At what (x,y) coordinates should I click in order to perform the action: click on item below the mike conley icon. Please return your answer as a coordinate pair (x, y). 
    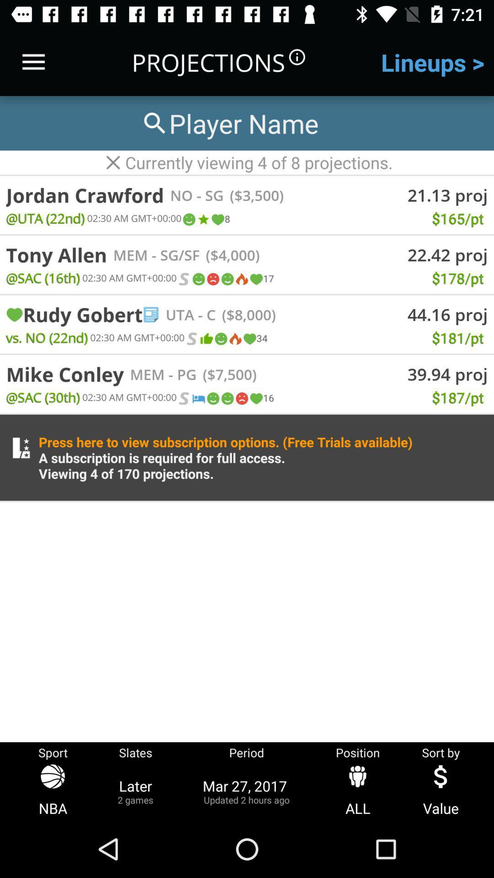
    Looking at the image, I should click on (43, 397).